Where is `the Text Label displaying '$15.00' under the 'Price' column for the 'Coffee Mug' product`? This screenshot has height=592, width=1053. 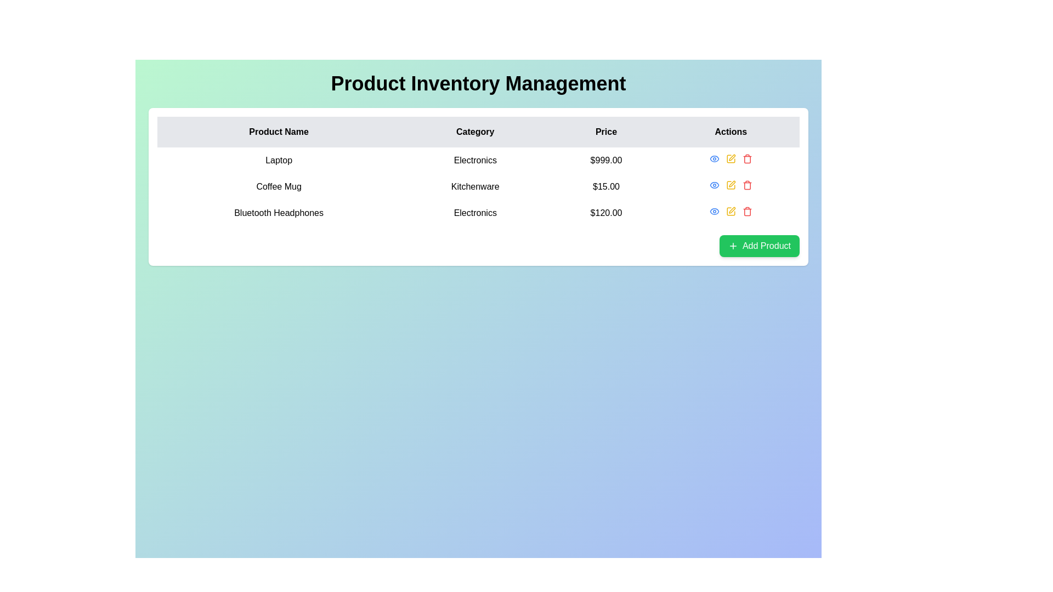
the Text Label displaying '$15.00' under the 'Price' column for the 'Coffee Mug' product is located at coordinates (605, 186).